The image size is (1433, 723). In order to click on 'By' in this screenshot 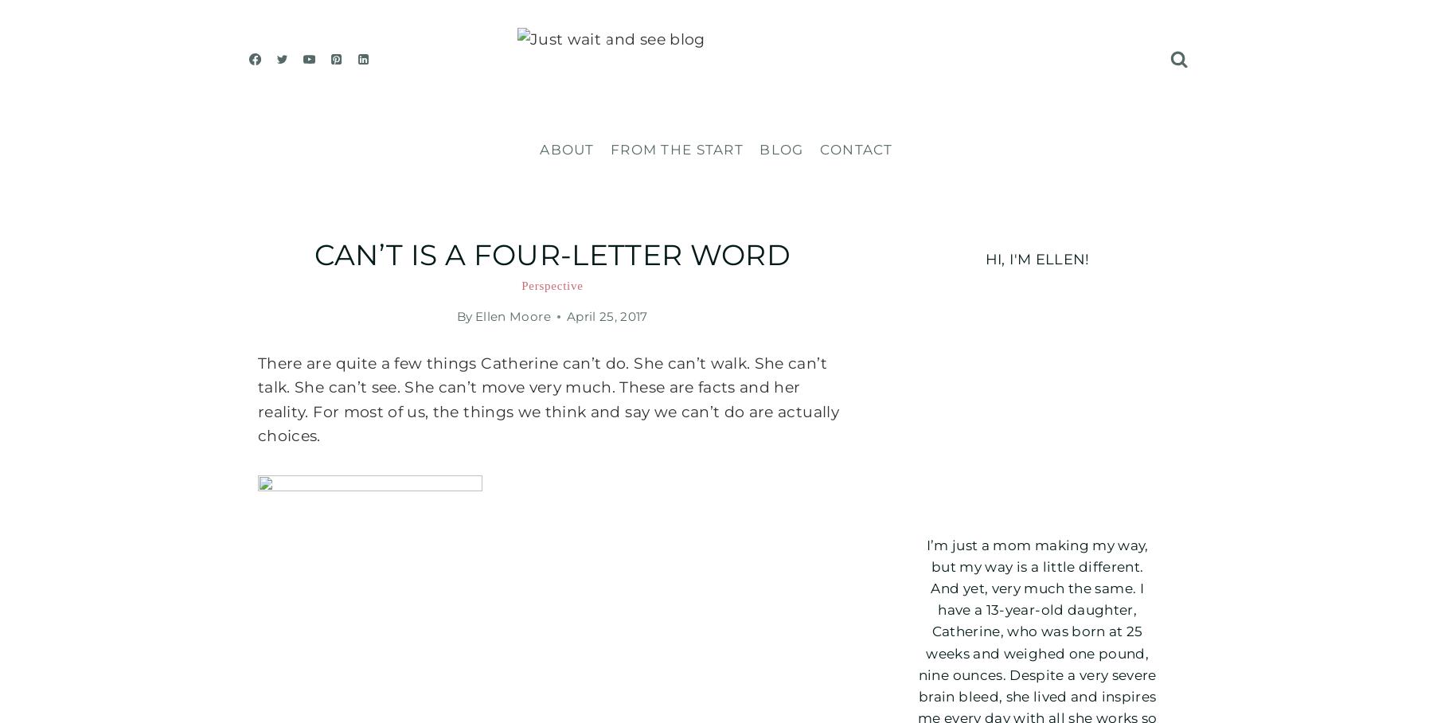, I will do `click(464, 315)`.